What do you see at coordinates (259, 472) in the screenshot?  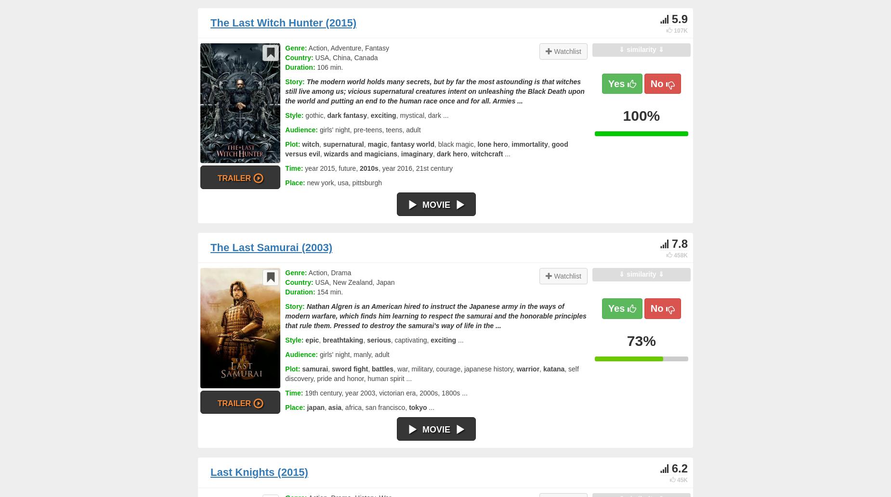 I see `'Last Knights (2015)'` at bounding box center [259, 472].